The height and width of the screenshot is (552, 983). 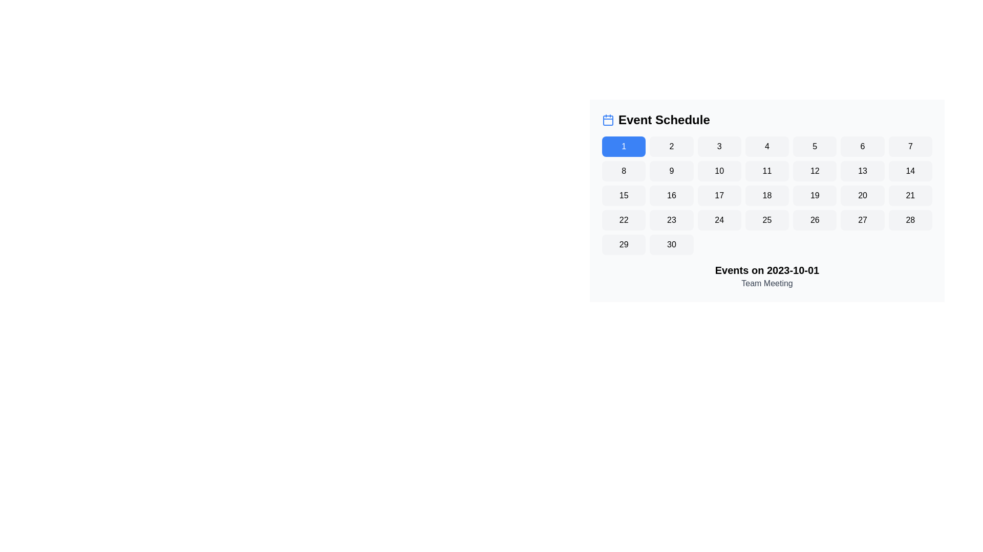 I want to click on the calendar button labeled '5', so click(x=814, y=146).